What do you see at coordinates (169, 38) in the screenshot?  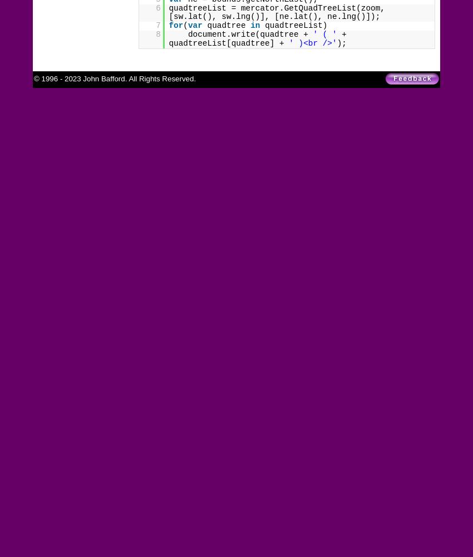 I see `'+ quadtreeList[quadtree] +'` at bounding box center [169, 38].